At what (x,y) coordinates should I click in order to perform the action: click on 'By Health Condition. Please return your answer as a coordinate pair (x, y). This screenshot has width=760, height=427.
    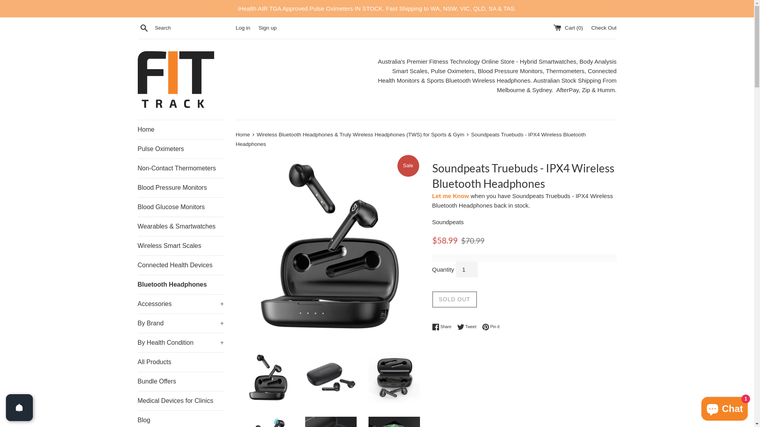
    Looking at the image, I should click on (180, 342).